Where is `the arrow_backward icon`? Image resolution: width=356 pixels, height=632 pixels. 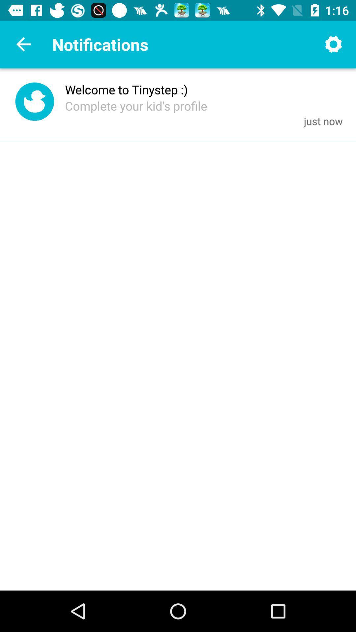
the arrow_backward icon is located at coordinates (23, 44).